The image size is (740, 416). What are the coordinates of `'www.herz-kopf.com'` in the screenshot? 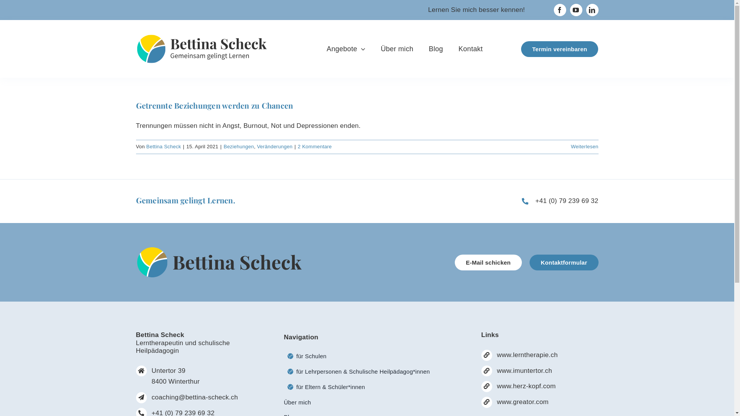 It's located at (526, 386).